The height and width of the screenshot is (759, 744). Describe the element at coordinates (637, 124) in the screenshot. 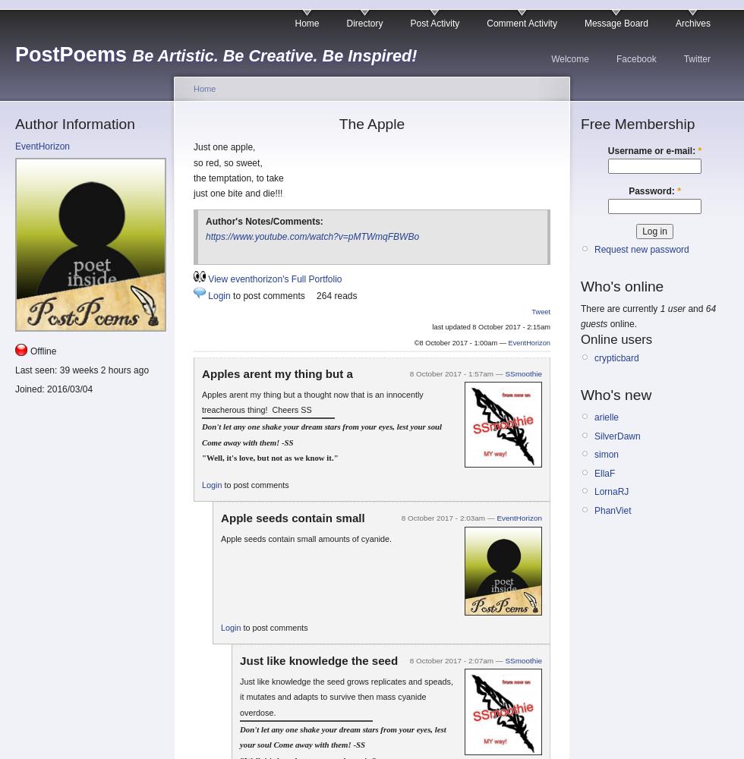

I see `'Free Membership'` at that location.